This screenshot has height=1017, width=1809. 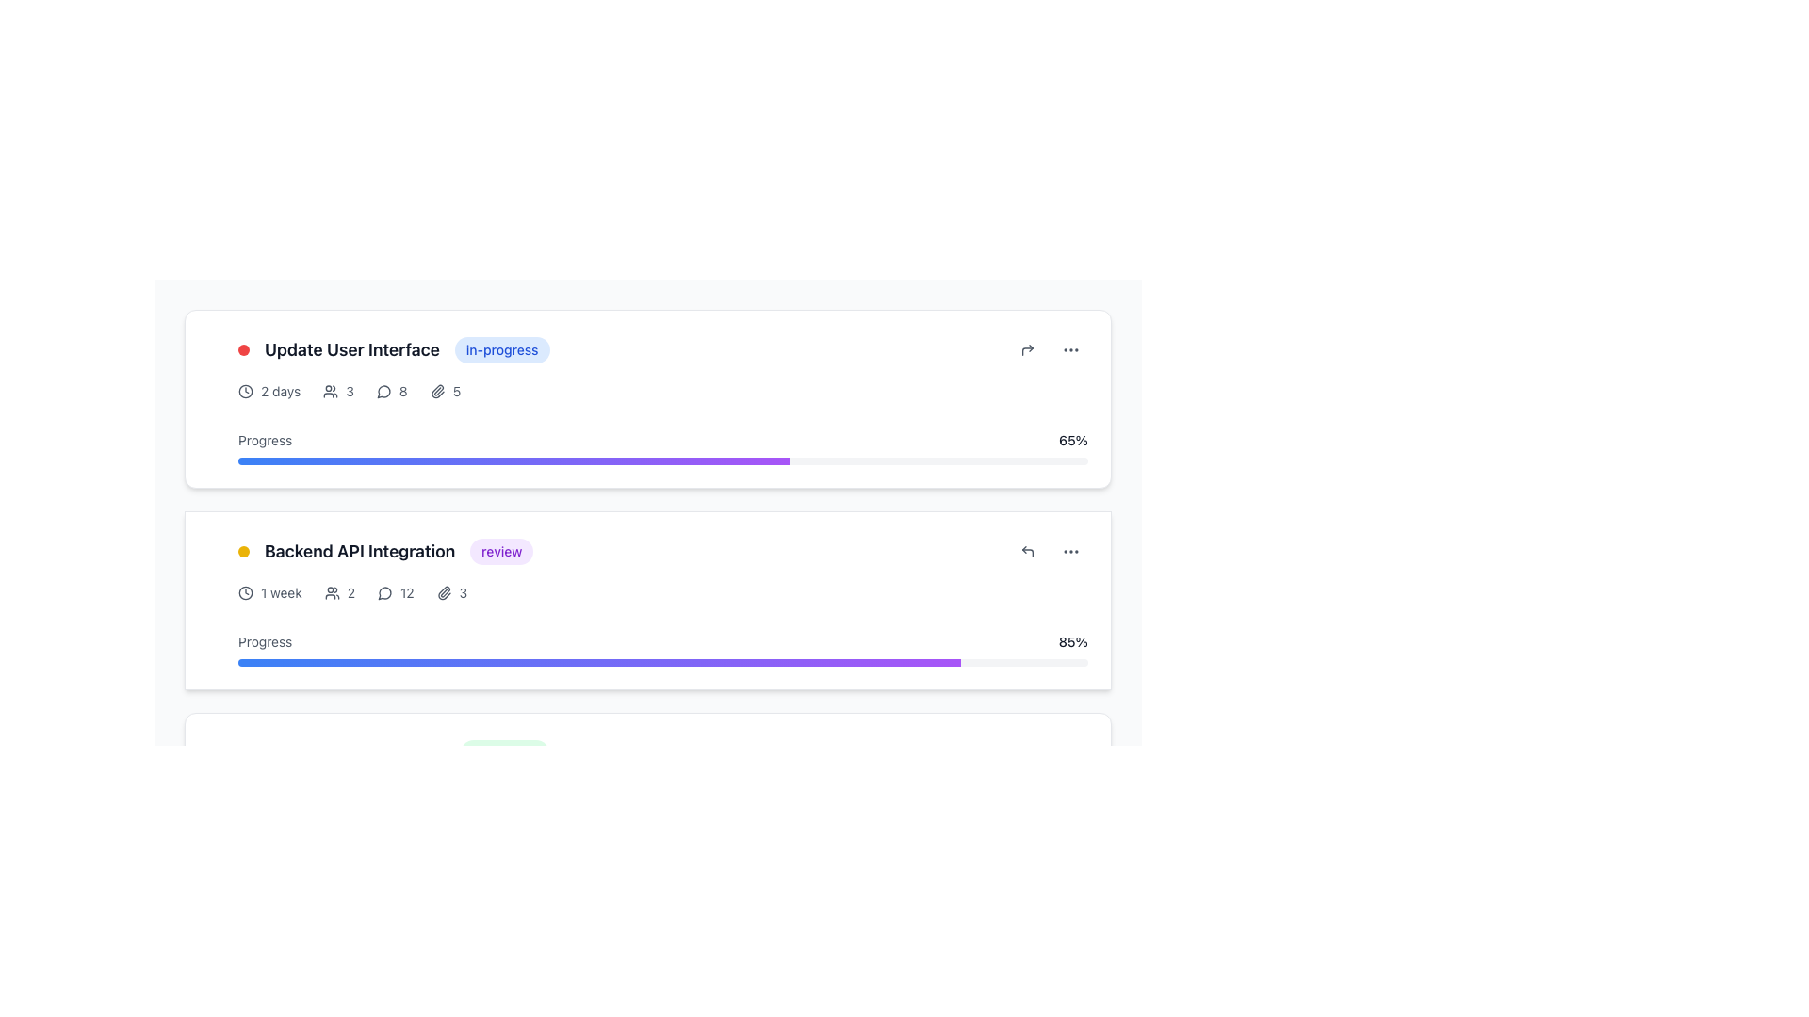 What do you see at coordinates (501, 349) in the screenshot?
I see `the Status label displaying 'in-progress'` at bounding box center [501, 349].